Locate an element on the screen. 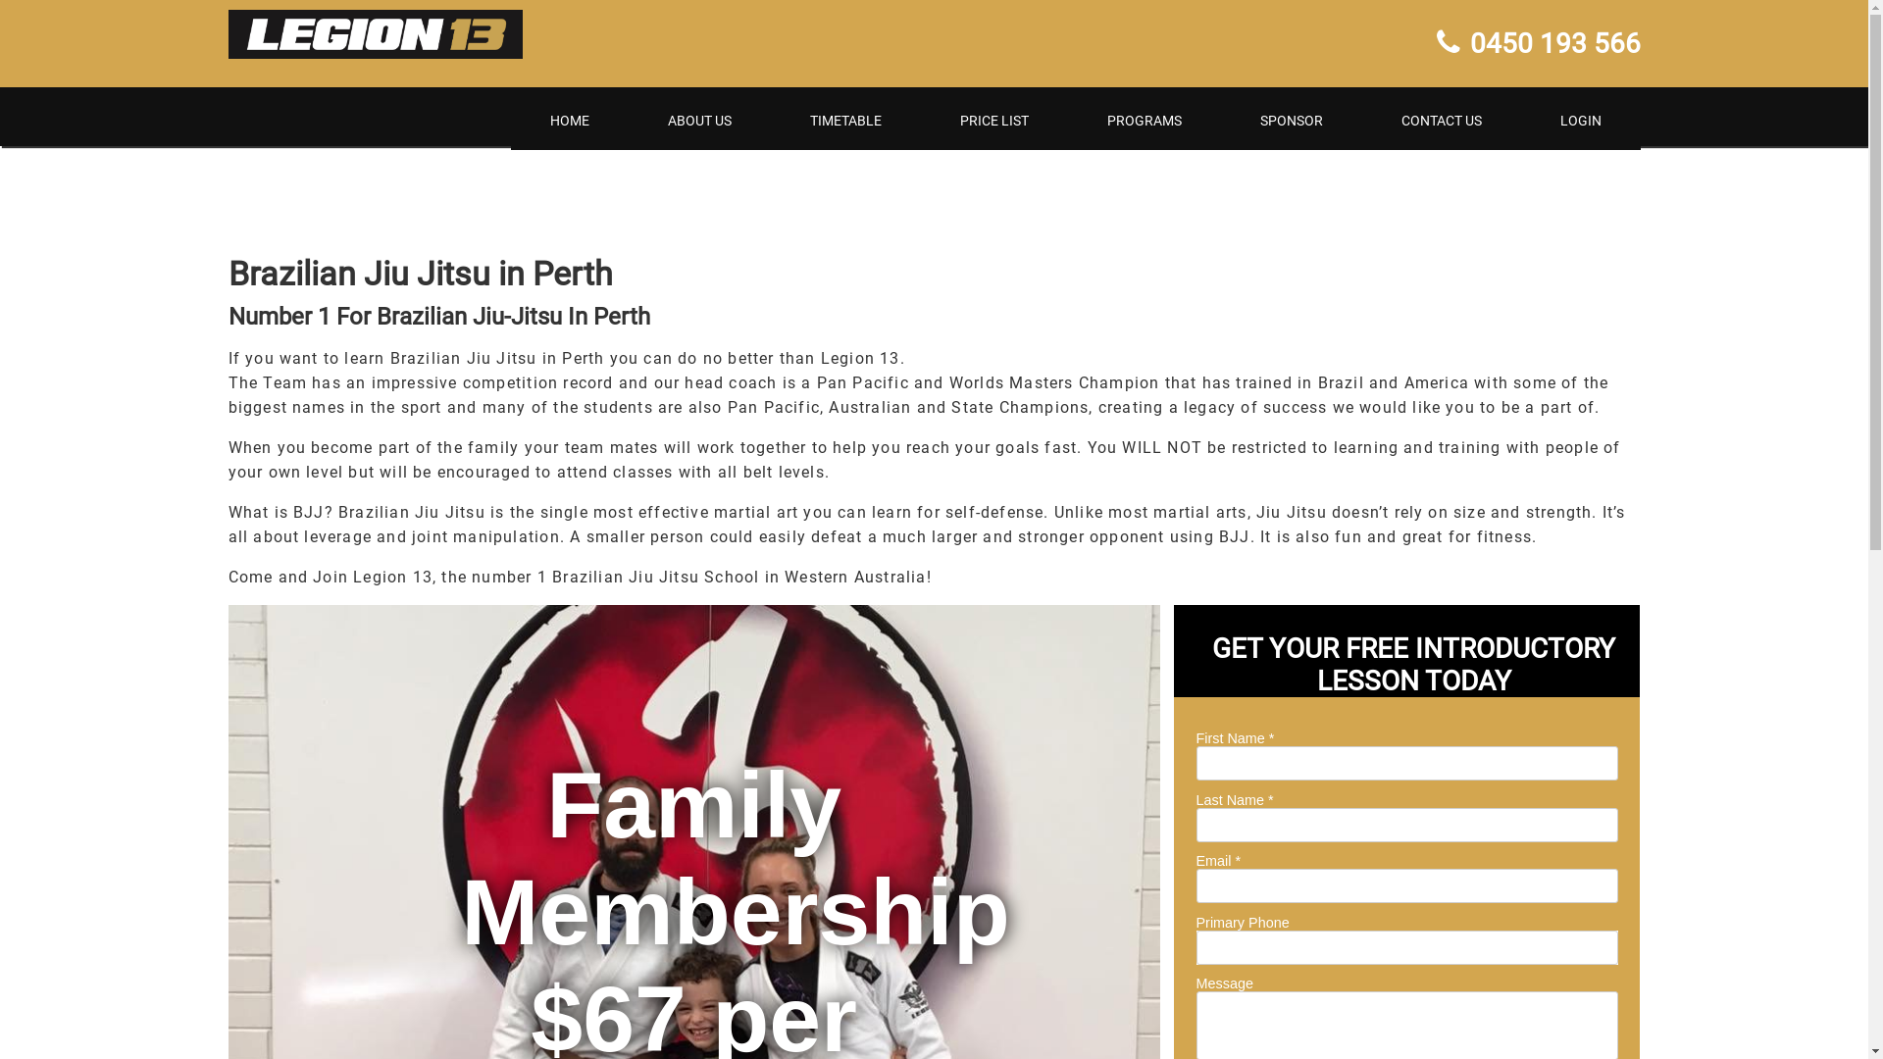 This screenshot has height=1059, width=1883. 'HOME' is located at coordinates (568, 121).